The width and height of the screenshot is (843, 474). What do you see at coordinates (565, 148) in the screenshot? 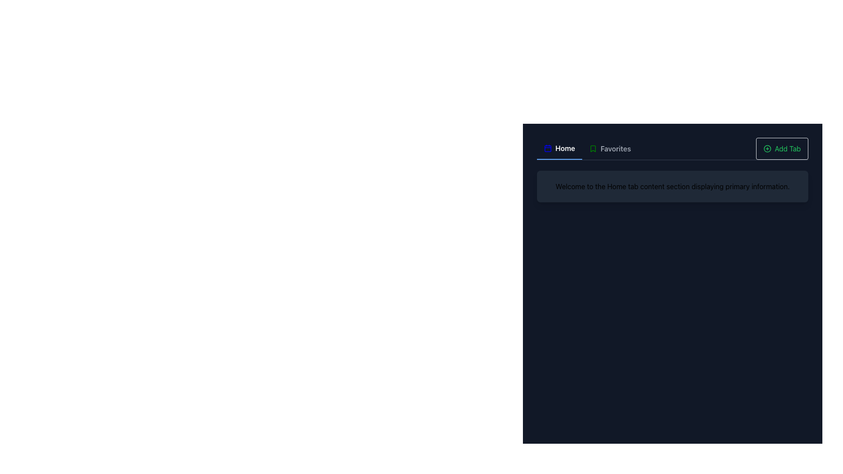
I see `the 'Home' label, which is styled in white font on a dark background and positioned in the top menu bar between a calendar icon and the 'Favorites' label` at bounding box center [565, 148].